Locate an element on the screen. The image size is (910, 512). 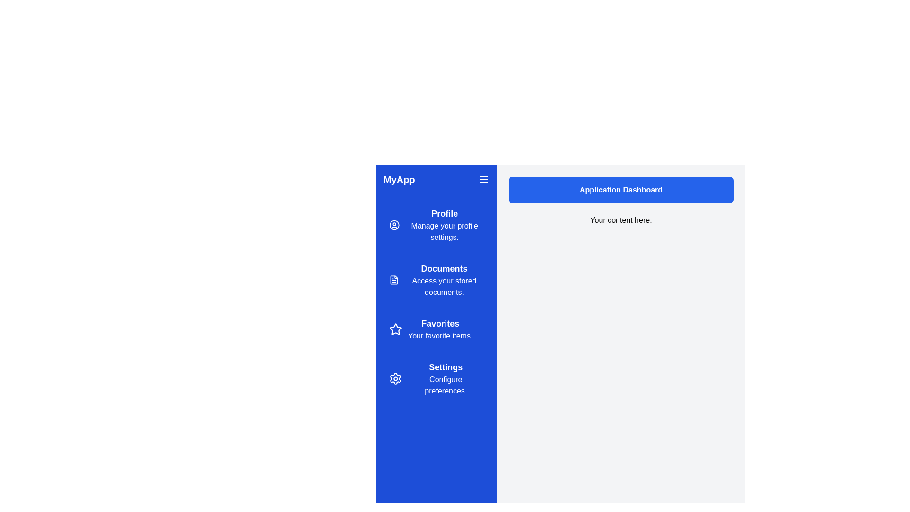
the navigation item Settings from the drawer is located at coordinates (436, 378).